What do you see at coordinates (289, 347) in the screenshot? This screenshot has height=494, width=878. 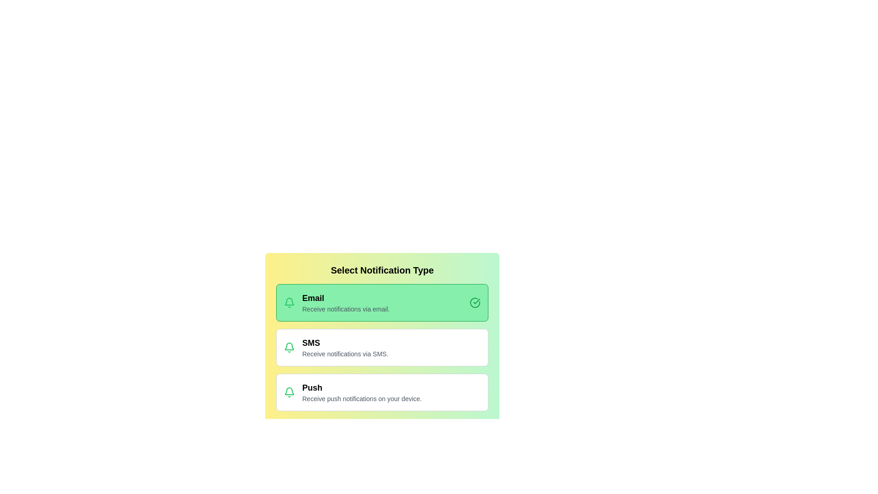 I see `the SMS notification icon, which is the leftmost element in its row, indicating SMS notifications` at bounding box center [289, 347].